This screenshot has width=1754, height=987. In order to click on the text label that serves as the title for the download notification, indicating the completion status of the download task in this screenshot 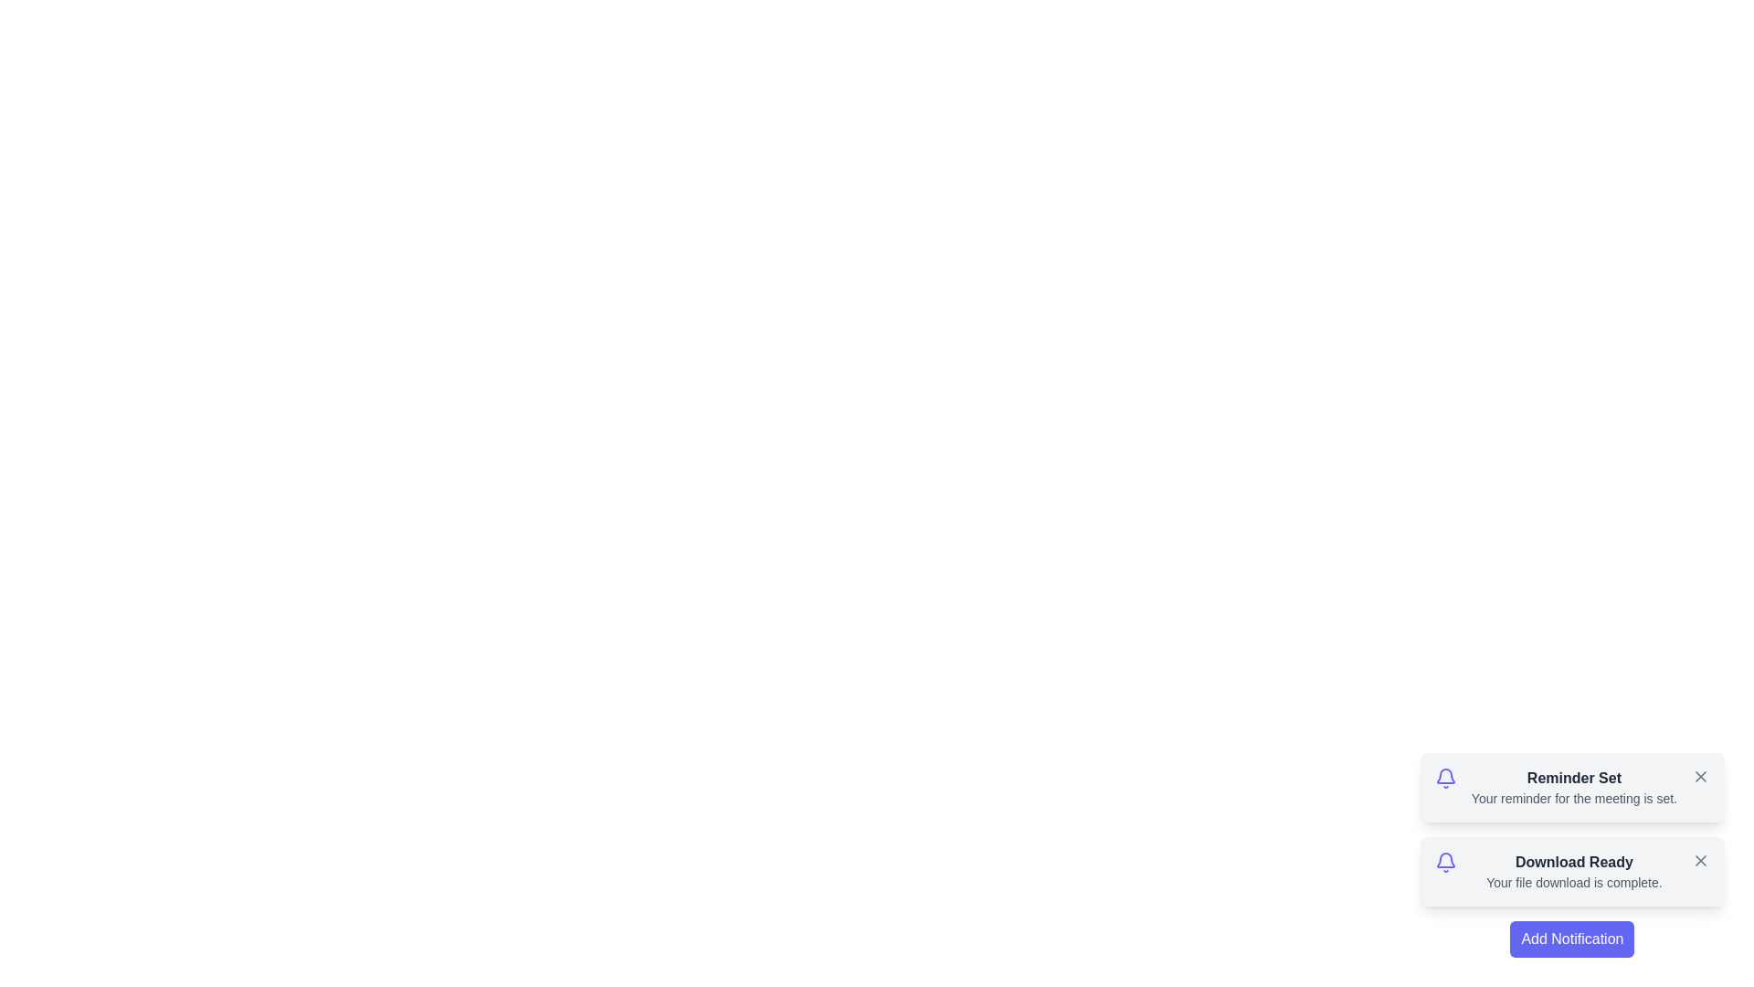, I will do `click(1573, 863)`.